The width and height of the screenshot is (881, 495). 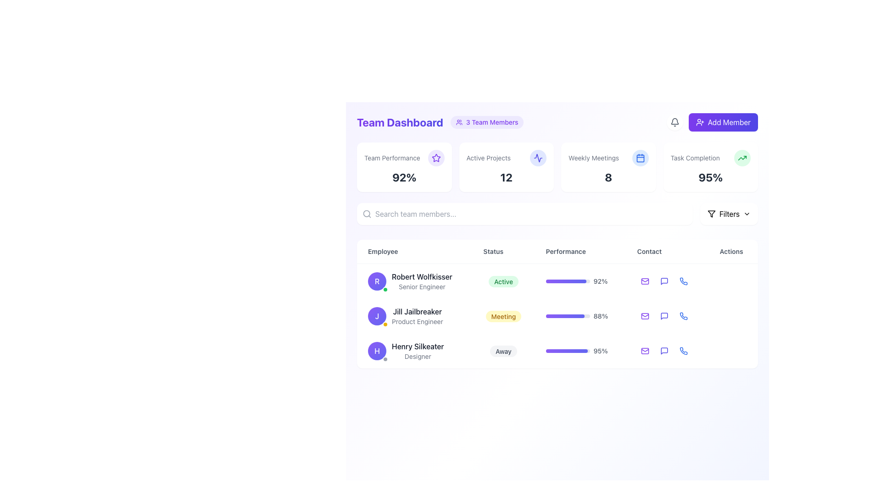 I want to click on the Ellipsis menu button in the Actions column for the row of Robert Wolfkisser, so click(x=733, y=280).